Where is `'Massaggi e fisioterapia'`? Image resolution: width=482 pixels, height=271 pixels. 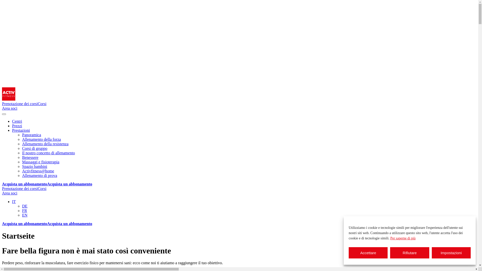 'Massaggi e fisioterapia' is located at coordinates (41, 162).